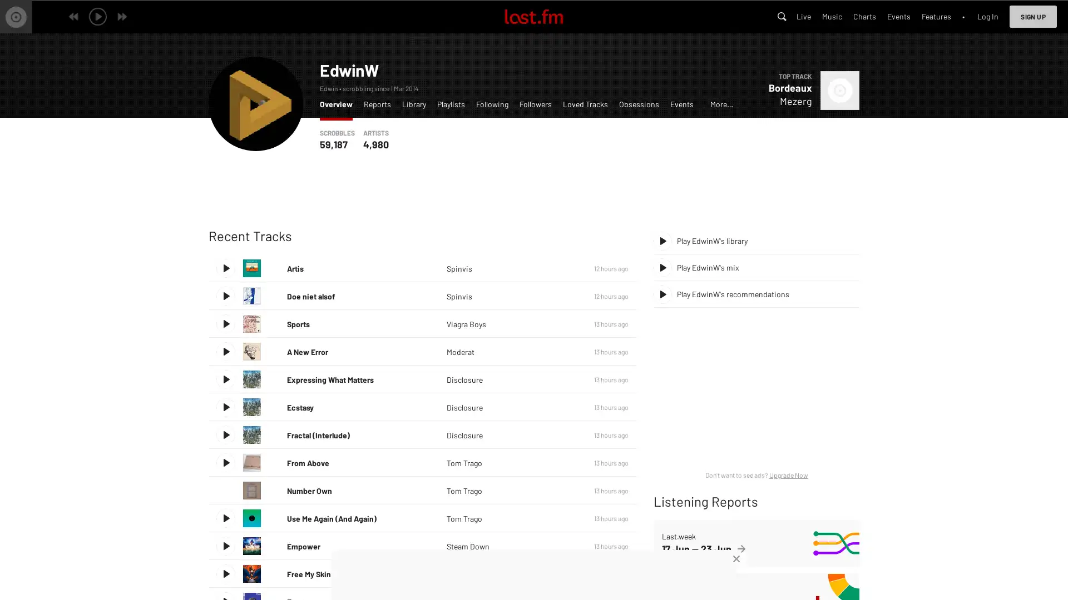 This screenshot has height=600, width=1068. I want to click on Buy, so click(561, 407).